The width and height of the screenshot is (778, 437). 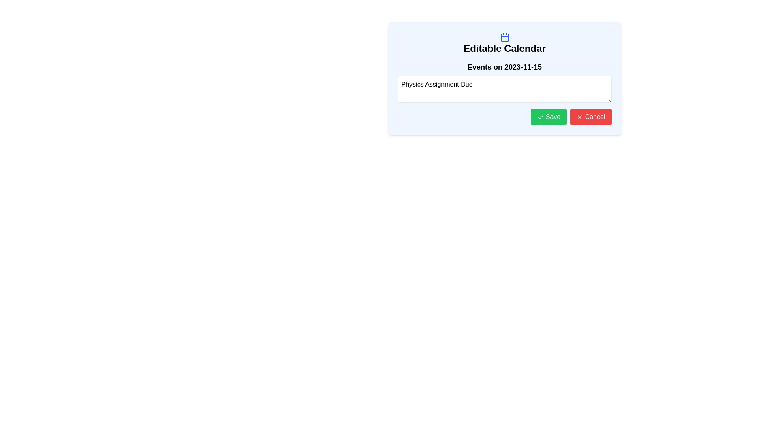 What do you see at coordinates (549, 117) in the screenshot?
I see `the 'Save' button, which has a green background and white text, located at the bottom of the editable calendar interface` at bounding box center [549, 117].